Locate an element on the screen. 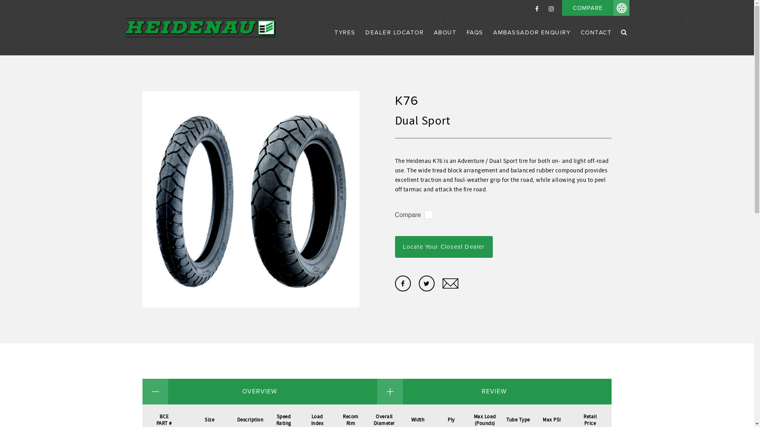  'CONTACT' is located at coordinates (594, 41).